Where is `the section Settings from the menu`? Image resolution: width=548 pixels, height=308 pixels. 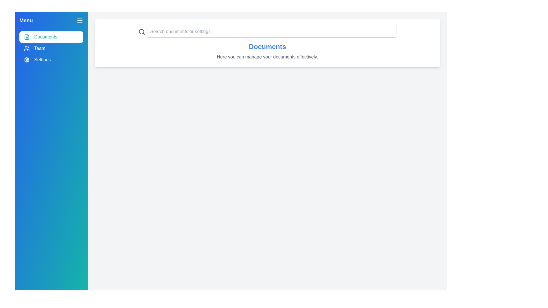 the section Settings from the menu is located at coordinates (51, 60).